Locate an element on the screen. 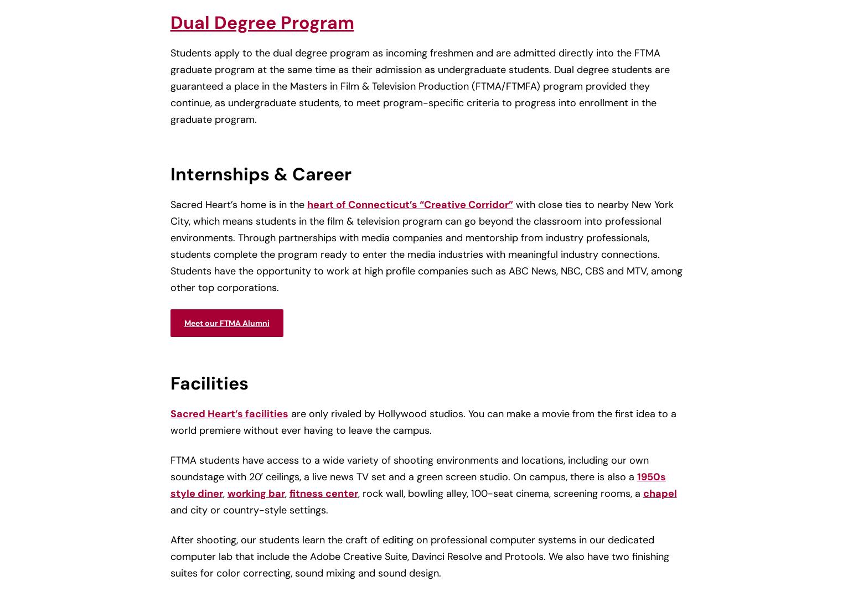 The height and width of the screenshot is (597, 858). ', rock wall, bowling alley, 100-seat cinema, screening rooms, a' is located at coordinates (357, 492).